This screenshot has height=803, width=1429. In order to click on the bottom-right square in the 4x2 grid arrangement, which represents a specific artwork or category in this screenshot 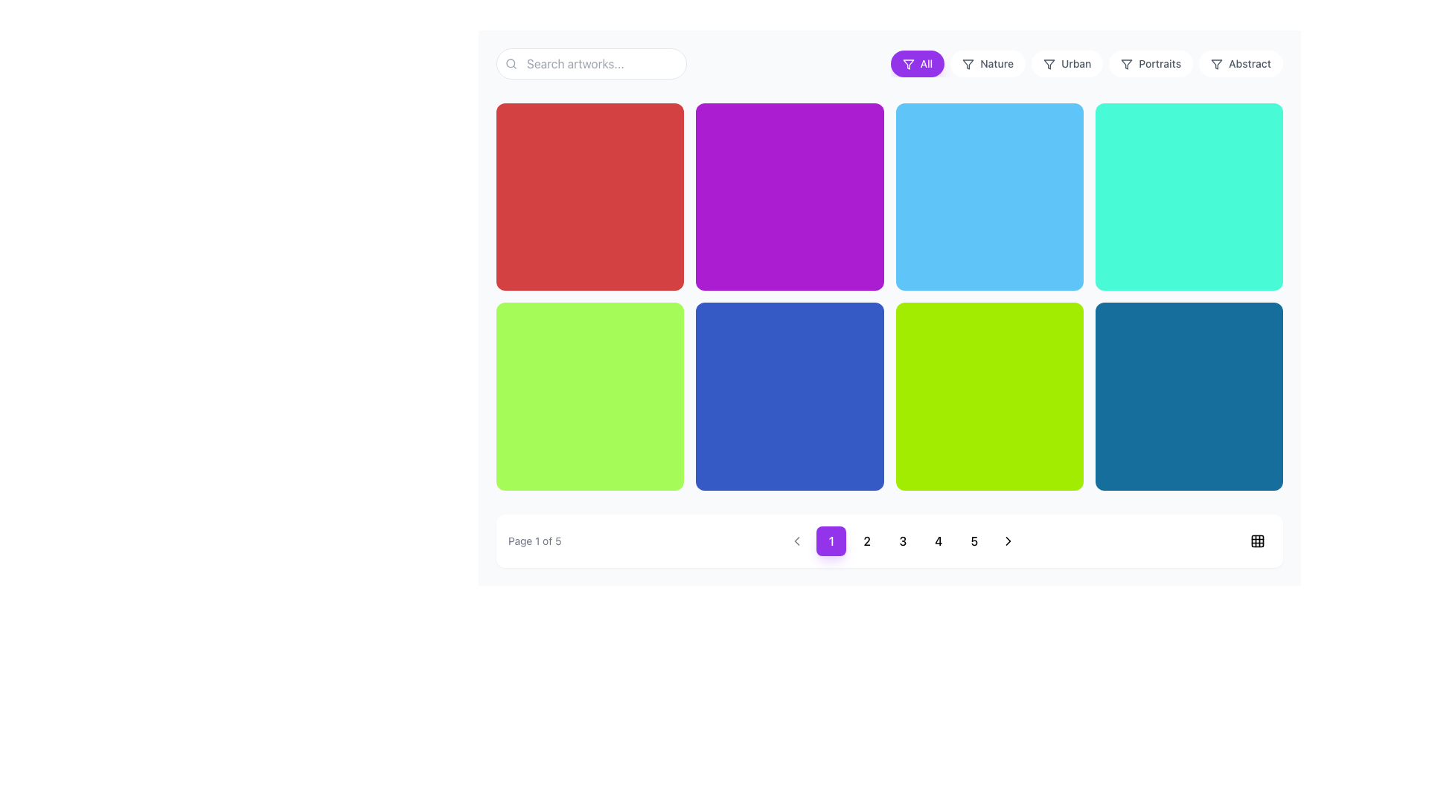, I will do `click(1188, 396)`.